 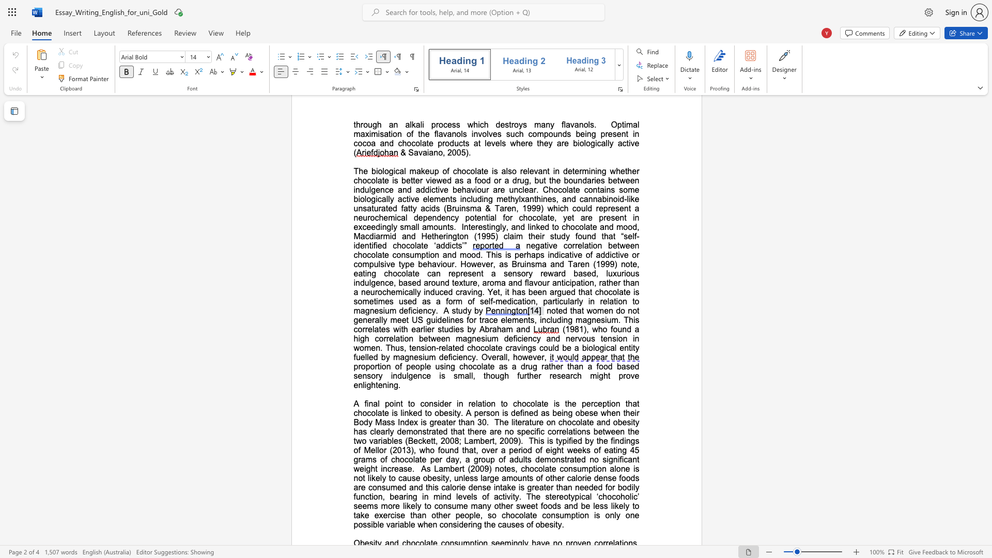 I want to click on the subset text "Inde" within the text "that chocolate is linked to obesity. A person is defined as being obese when their Body Mass Index is greater than 30", so click(x=397, y=422).